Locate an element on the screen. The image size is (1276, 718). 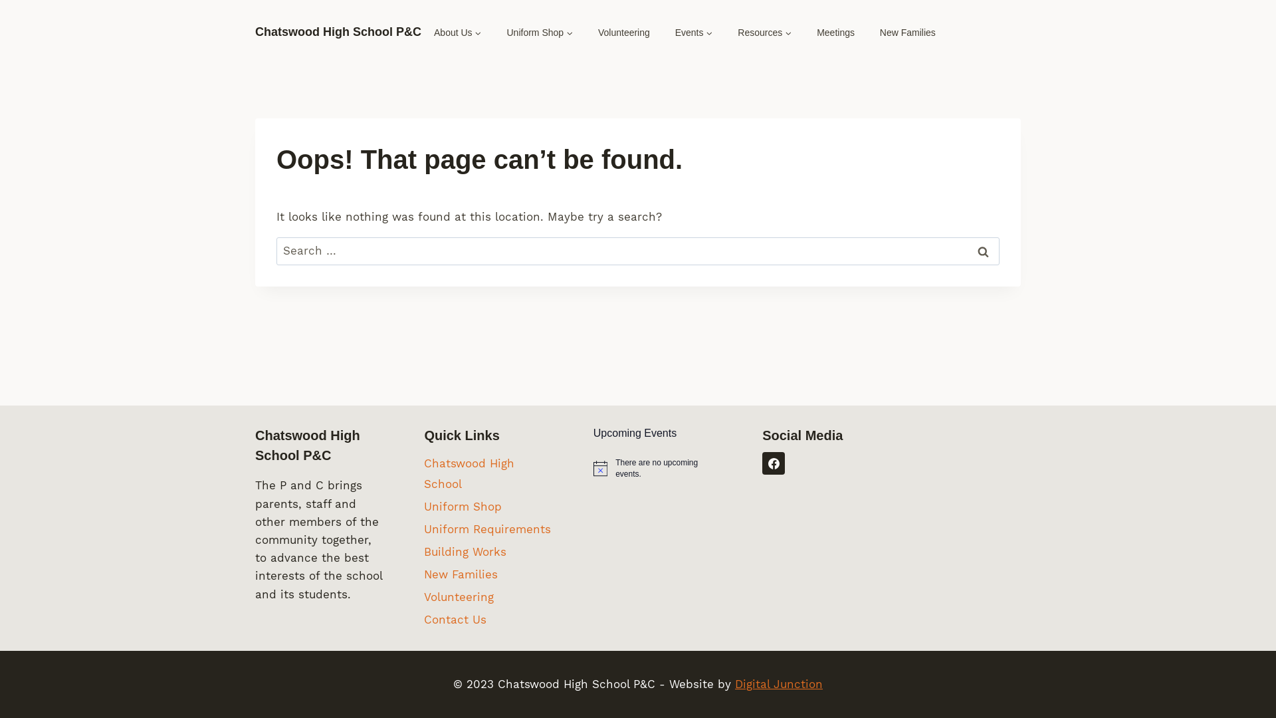
'Uniform Shop' is located at coordinates (487, 507).